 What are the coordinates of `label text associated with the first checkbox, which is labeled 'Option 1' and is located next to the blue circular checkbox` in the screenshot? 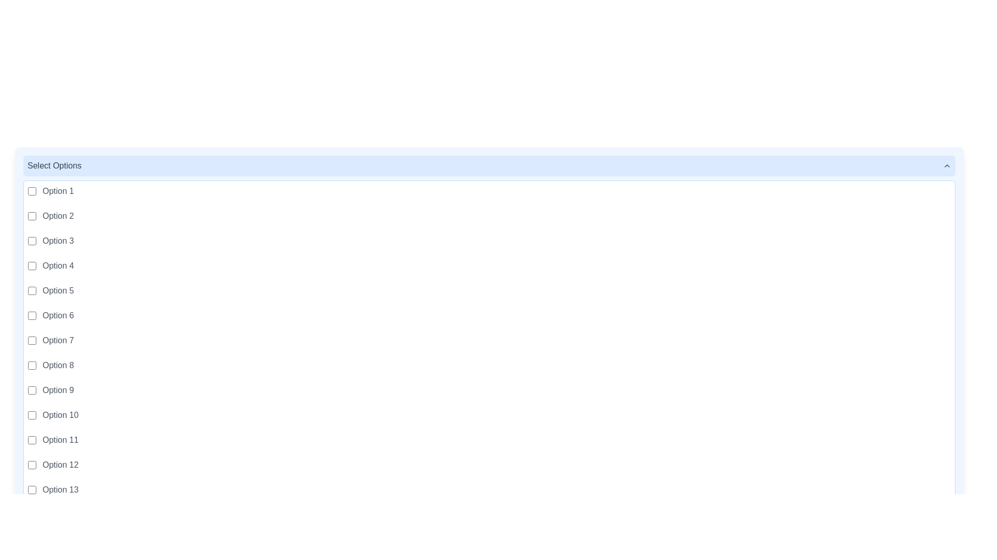 It's located at (32, 191).